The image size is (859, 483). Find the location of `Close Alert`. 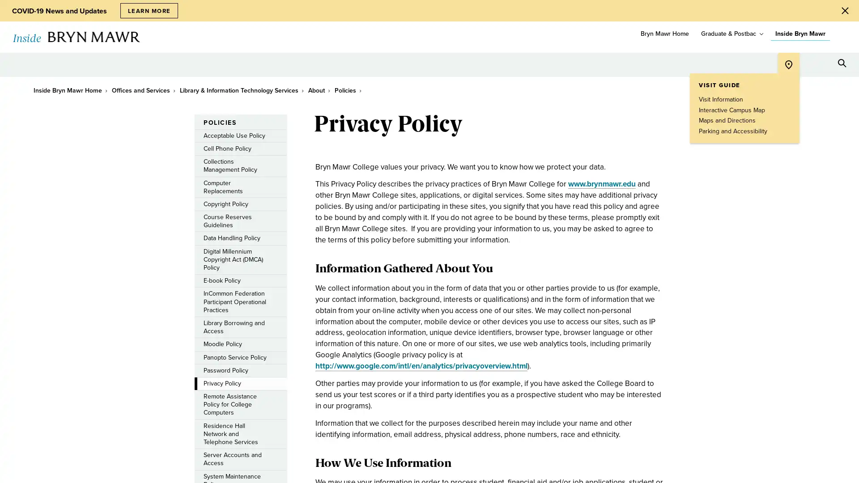

Close Alert is located at coordinates (845, 10).